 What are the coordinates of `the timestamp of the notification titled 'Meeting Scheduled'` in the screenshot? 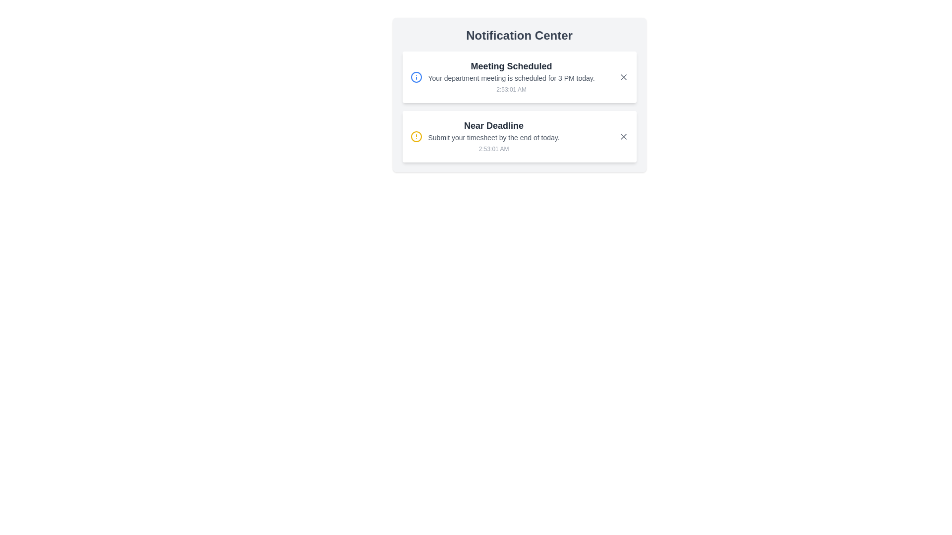 It's located at (511, 90).